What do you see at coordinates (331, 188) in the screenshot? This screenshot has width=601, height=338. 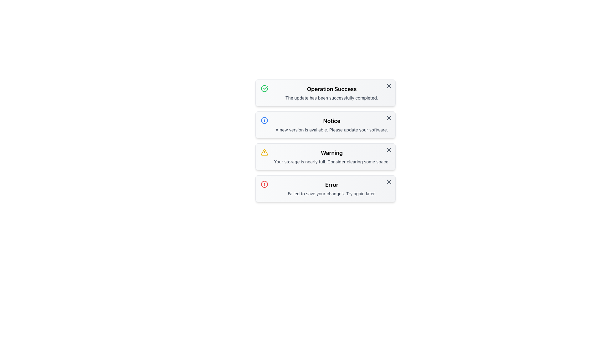 I see `error title 'Error' and details 'Failed to save your changes. Try again later.' from the notification box located at the bottom of the notification stack` at bounding box center [331, 188].